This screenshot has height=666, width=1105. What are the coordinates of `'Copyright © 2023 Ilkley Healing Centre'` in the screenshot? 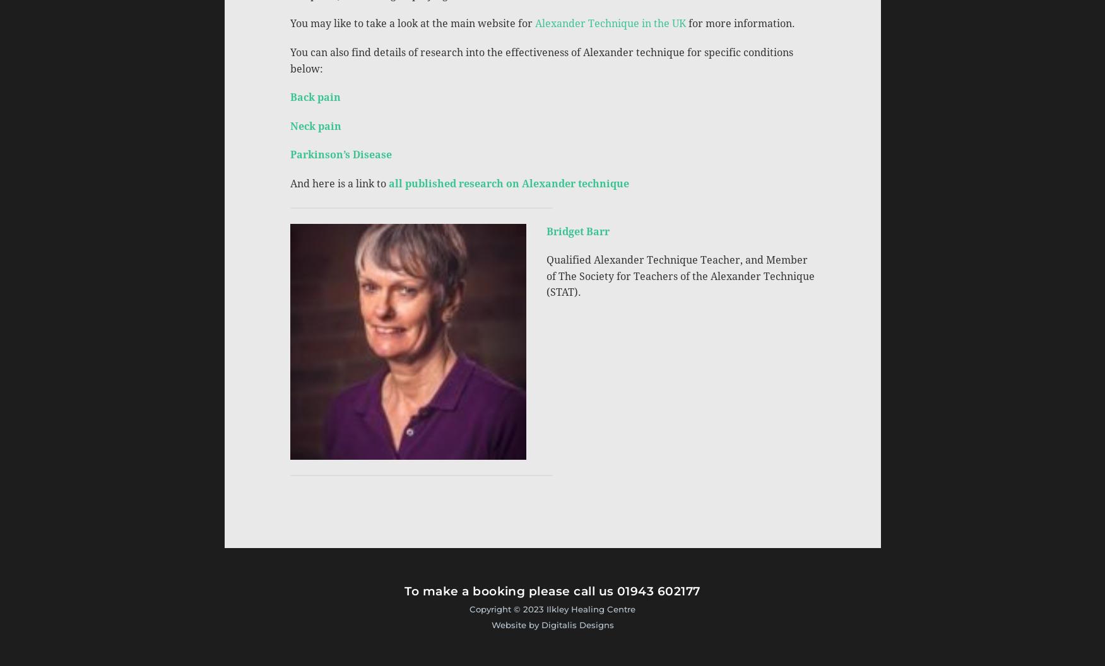 It's located at (552, 608).